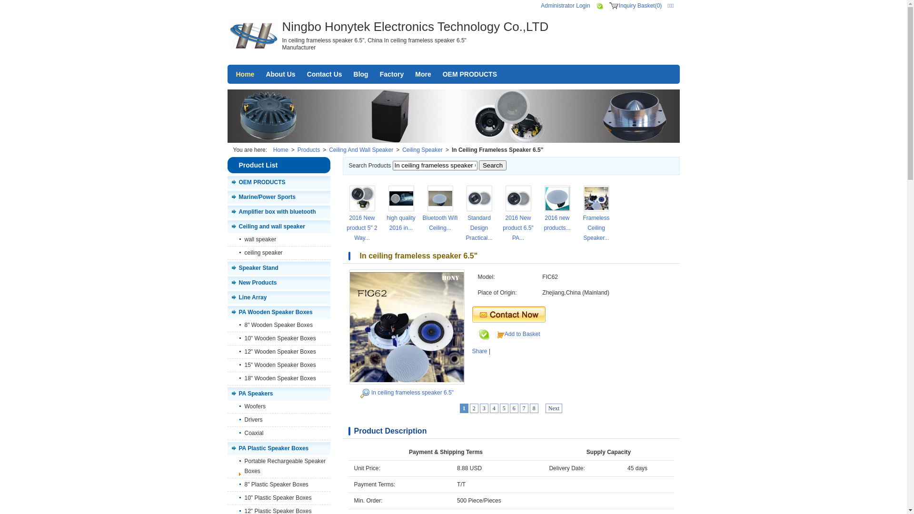 This screenshot has height=514, width=914. Describe the element at coordinates (260, 73) in the screenshot. I see `'About Us'` at that location.